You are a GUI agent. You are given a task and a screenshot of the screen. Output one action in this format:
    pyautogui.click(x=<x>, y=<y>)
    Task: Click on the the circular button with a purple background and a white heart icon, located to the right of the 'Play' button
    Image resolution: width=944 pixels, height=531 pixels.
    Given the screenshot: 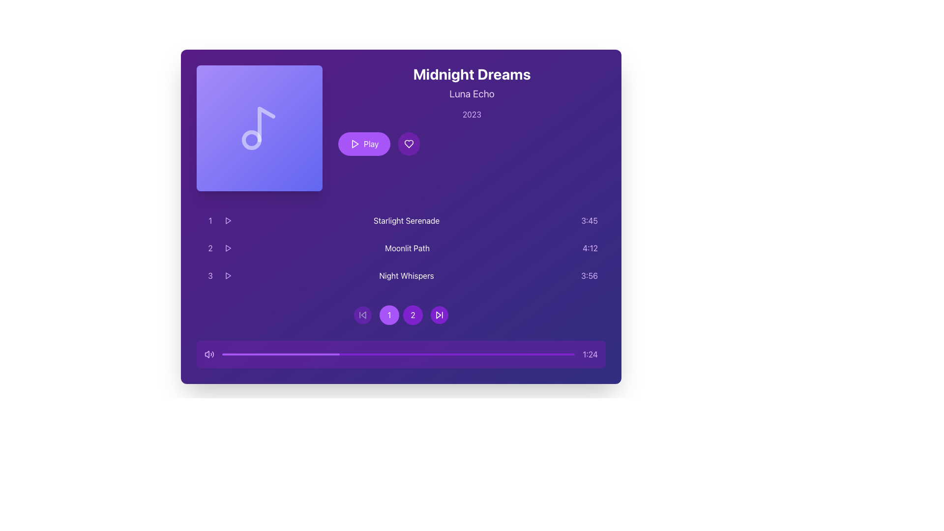 What is the action you would take?
    pyautogui.click(x=409, y=144)
    